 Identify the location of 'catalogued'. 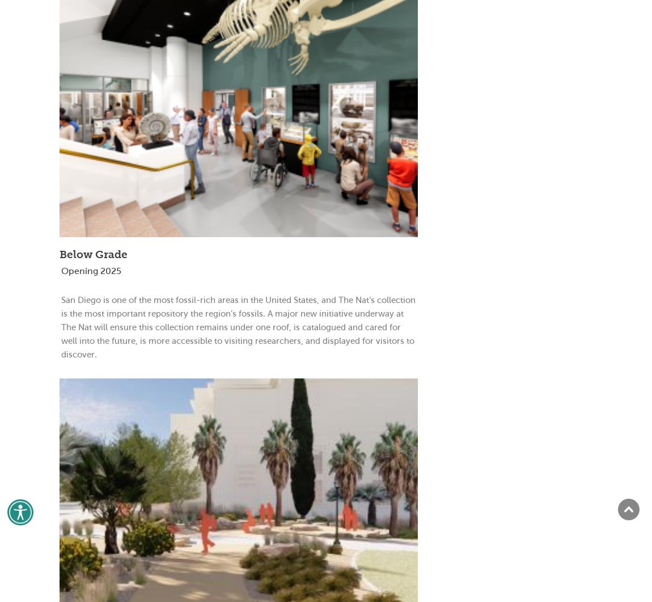
(324, 326).